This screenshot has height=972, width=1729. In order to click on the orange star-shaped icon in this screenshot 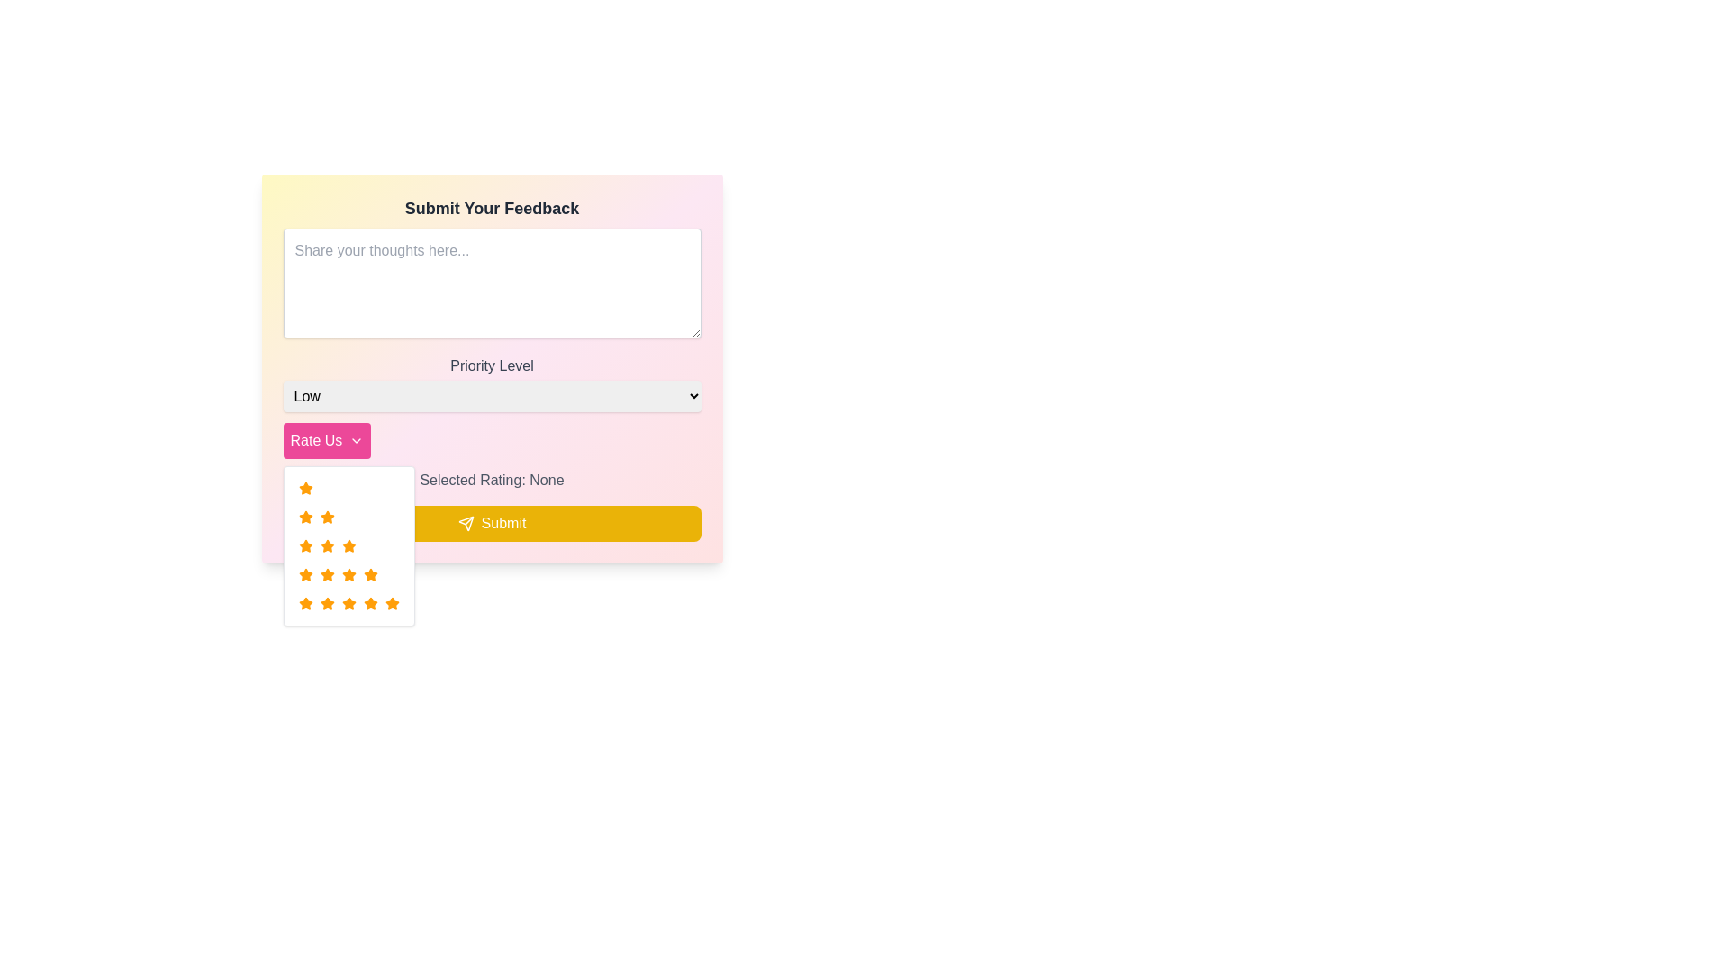, I will do `click(327, 517)`.